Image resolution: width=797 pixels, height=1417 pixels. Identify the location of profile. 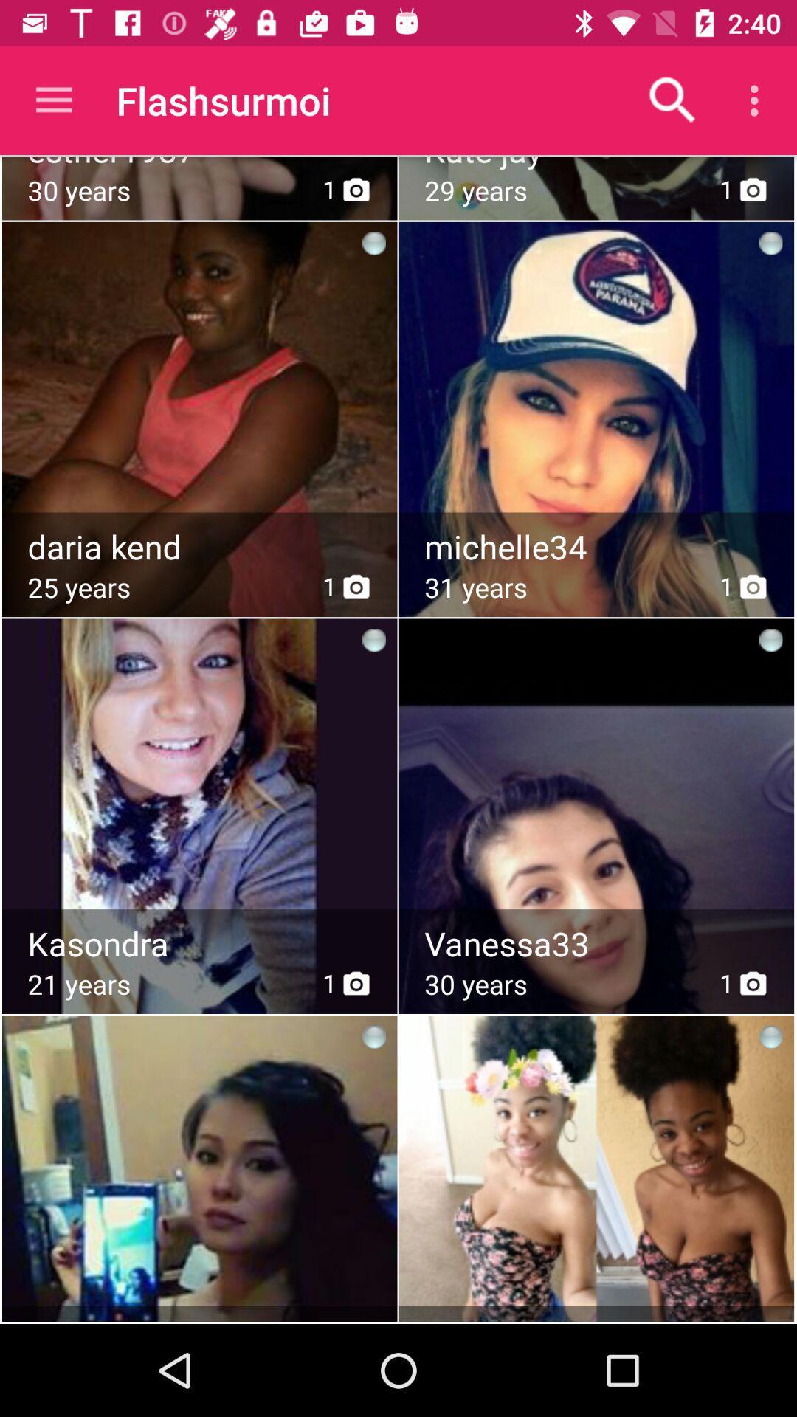
(598, 546).